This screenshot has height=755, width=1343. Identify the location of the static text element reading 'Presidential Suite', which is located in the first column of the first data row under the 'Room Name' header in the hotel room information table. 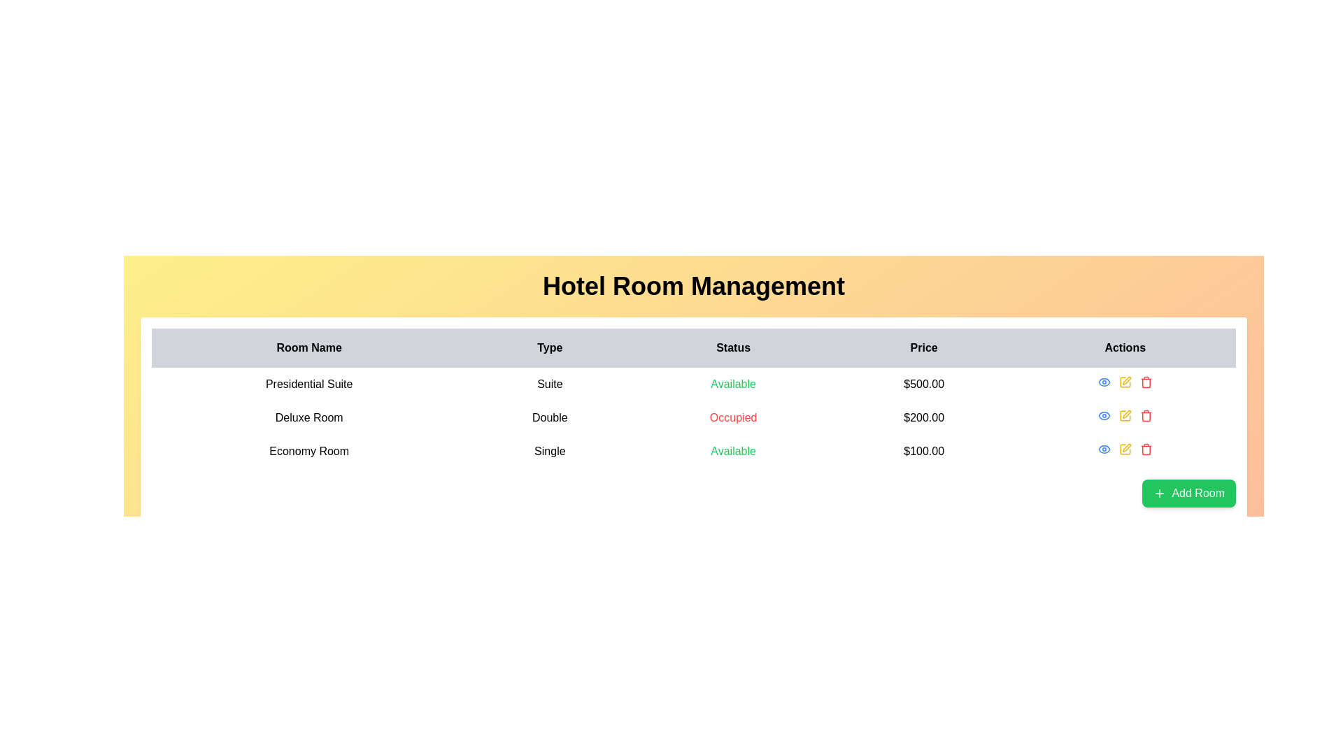
(308, 384).